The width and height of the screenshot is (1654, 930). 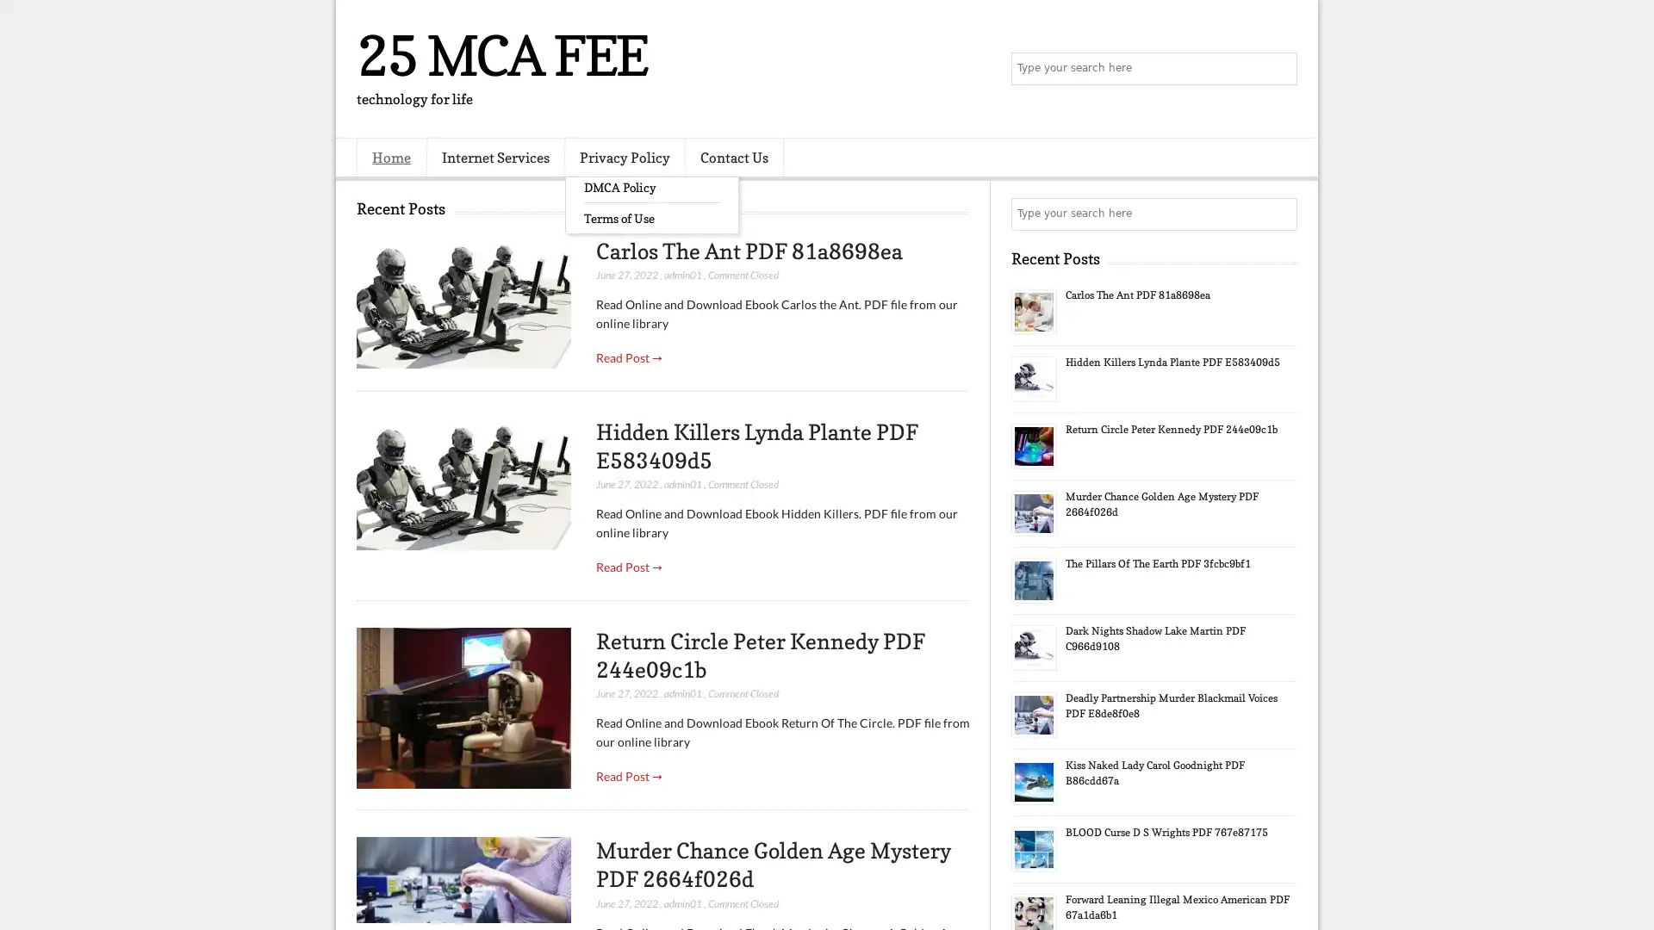 What do you see at coordinates (1279, 69) in the screenshot?
I see `Search` at bounding box center [1279, 69].